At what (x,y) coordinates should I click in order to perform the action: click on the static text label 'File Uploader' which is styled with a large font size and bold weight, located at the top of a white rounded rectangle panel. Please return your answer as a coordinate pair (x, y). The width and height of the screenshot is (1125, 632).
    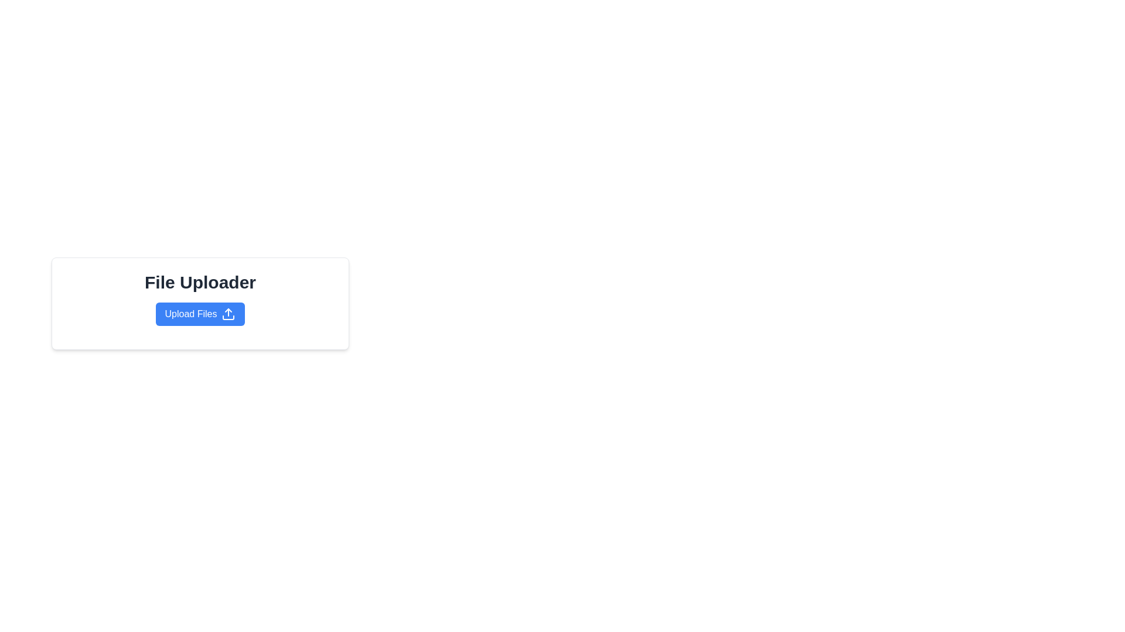
    Looking at the image, I should click on (200, 282).